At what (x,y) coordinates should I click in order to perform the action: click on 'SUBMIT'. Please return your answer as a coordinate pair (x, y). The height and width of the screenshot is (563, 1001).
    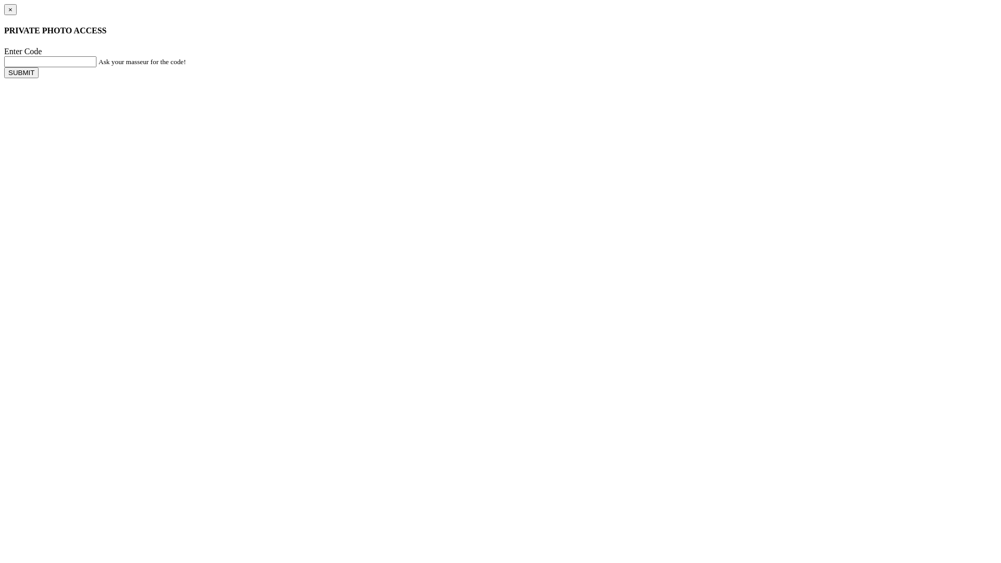
    Looking at the image, I should click on (21, 72).